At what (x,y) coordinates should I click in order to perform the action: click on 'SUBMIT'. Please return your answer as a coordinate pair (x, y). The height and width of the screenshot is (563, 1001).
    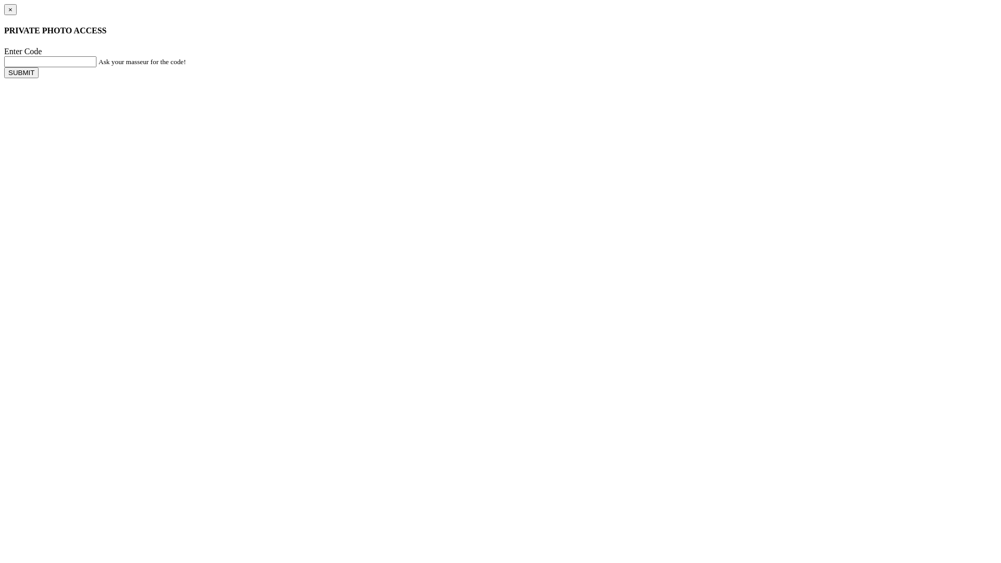
    Looking at the image, I should click on (21, 72).